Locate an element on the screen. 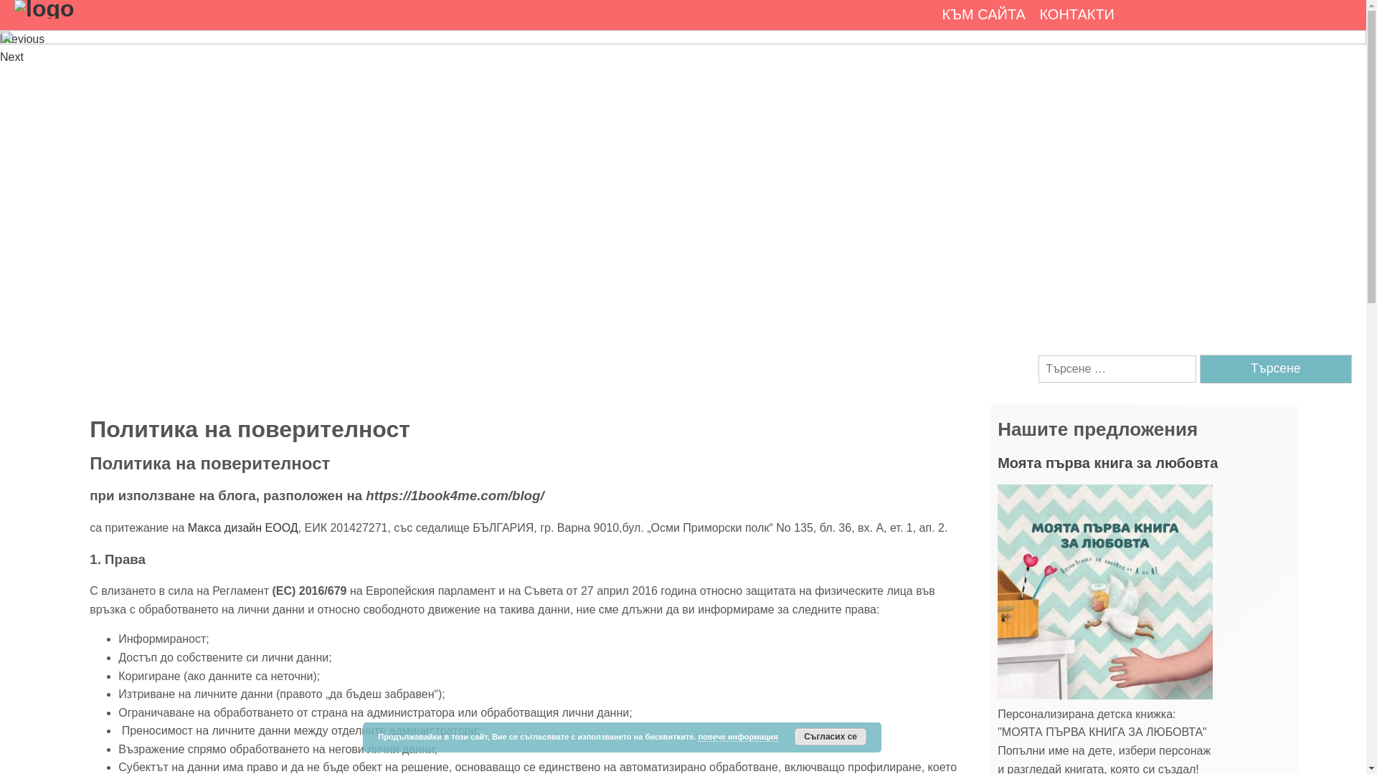 This screenshot has height=774, width=1377. 'Next' is located at coordinates (11, 56).